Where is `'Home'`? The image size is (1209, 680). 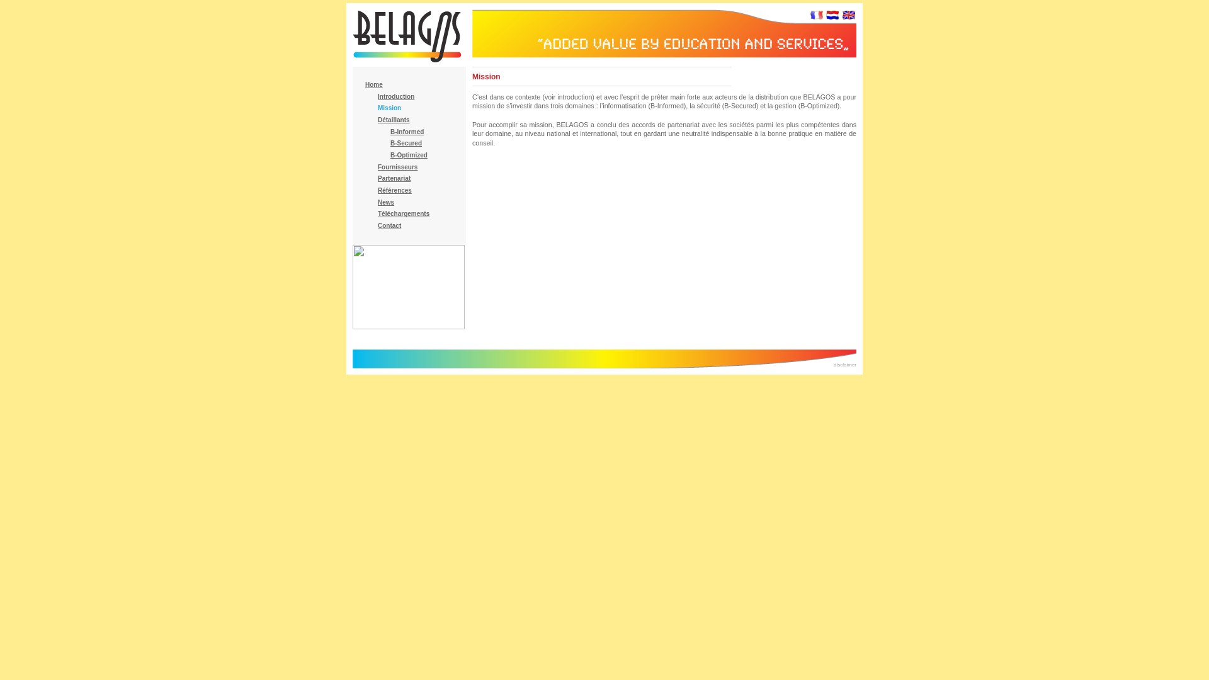 'Home' is located at coordinates (373, 84).